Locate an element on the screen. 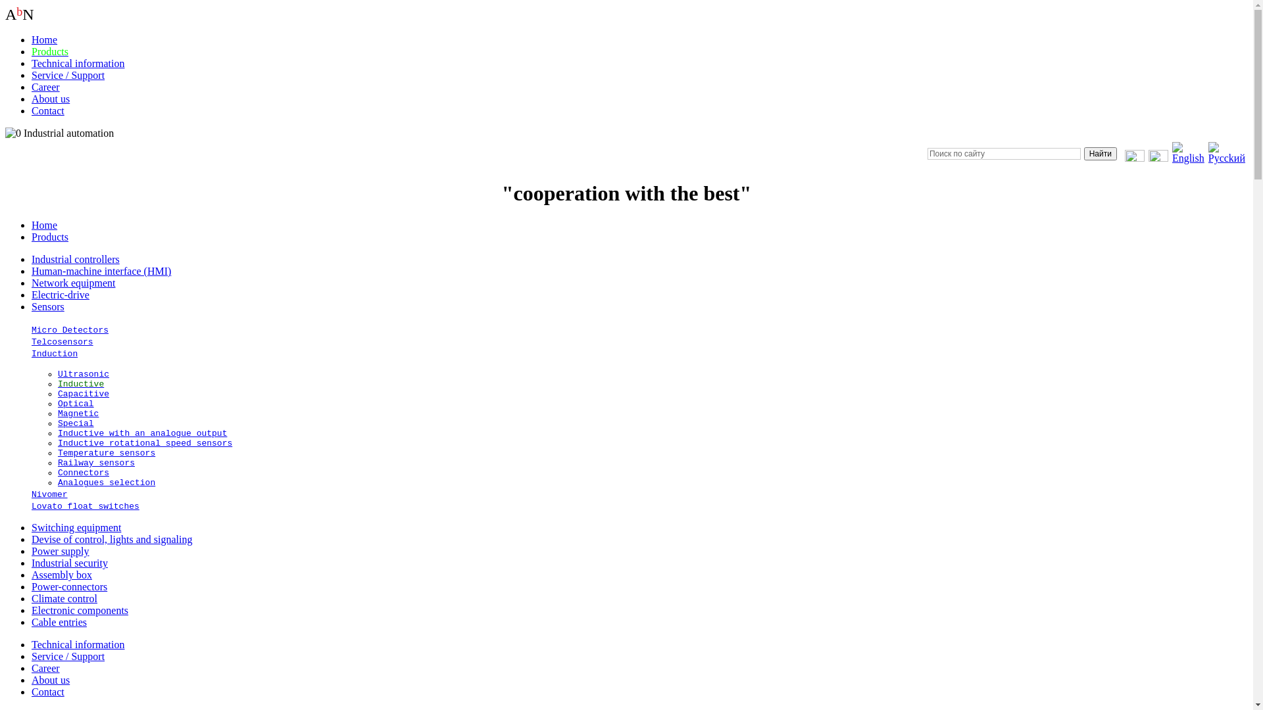 This screenshot has height=710, width=1263. 'Network equipment' is located at coordinates (72, 282).